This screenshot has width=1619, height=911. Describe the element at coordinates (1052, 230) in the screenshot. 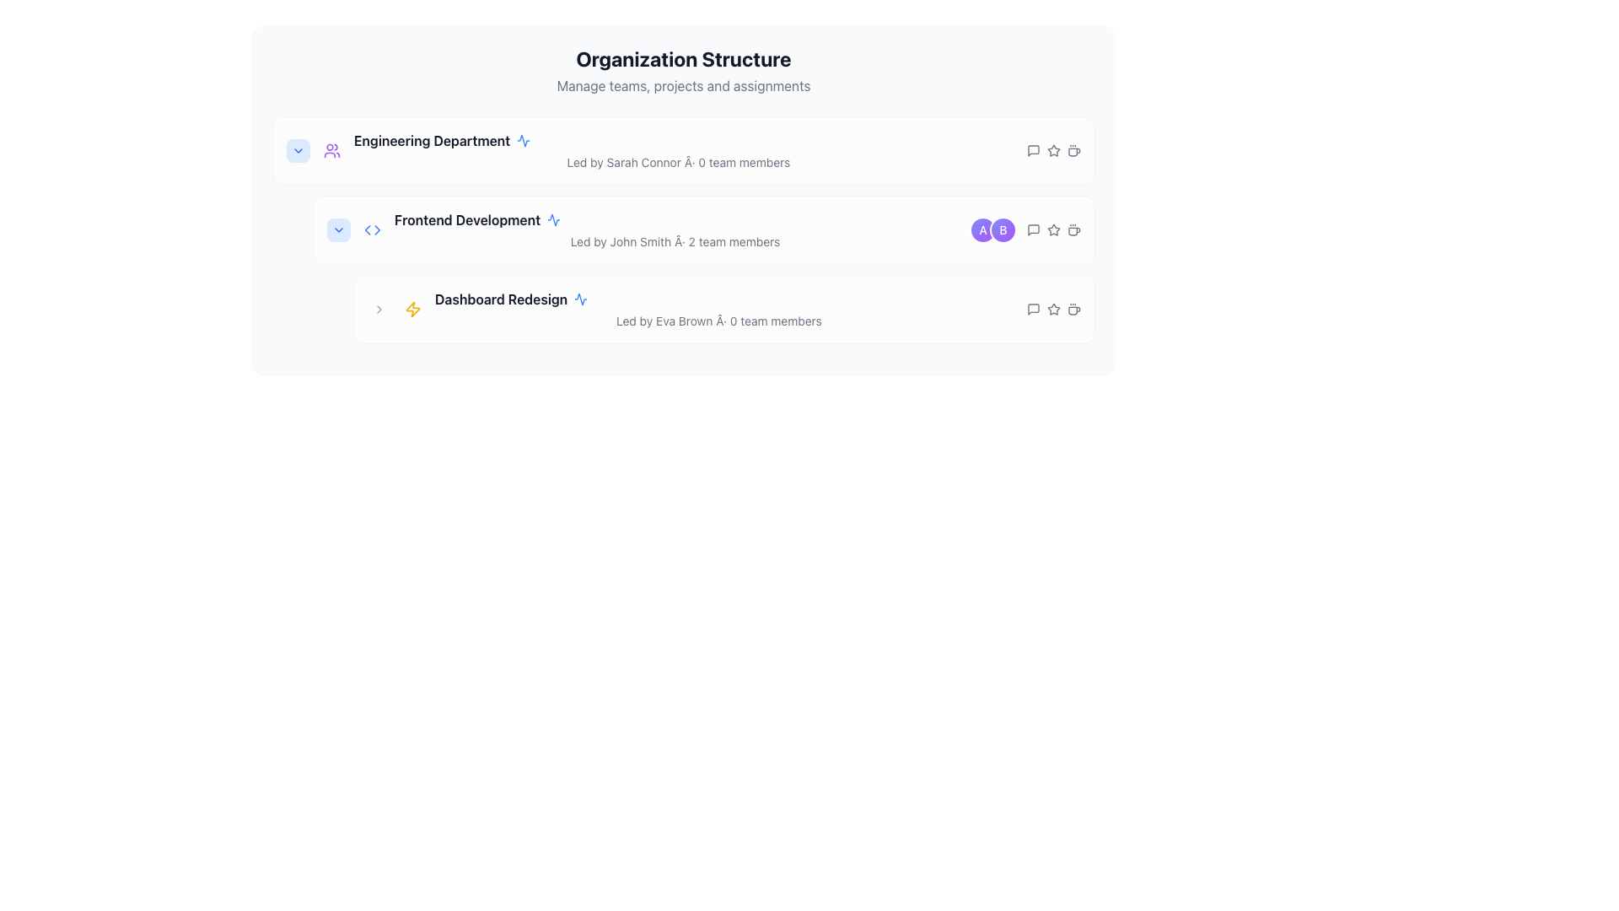

I see `the star icon, which is the third item` at that location.